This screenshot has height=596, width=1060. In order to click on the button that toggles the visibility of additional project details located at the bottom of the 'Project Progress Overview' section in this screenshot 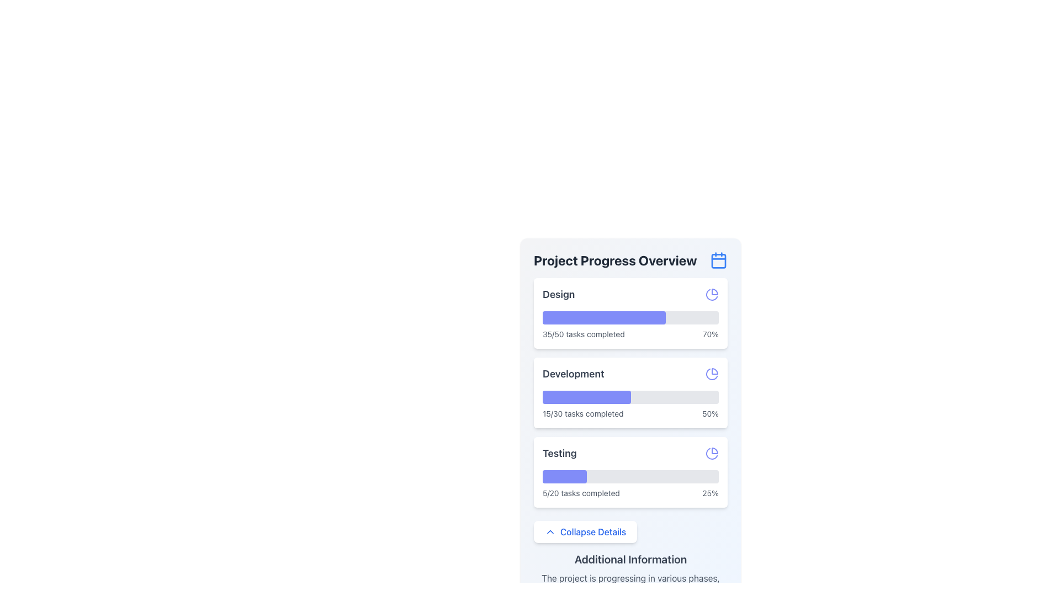, I will do `click(585, 531)`.